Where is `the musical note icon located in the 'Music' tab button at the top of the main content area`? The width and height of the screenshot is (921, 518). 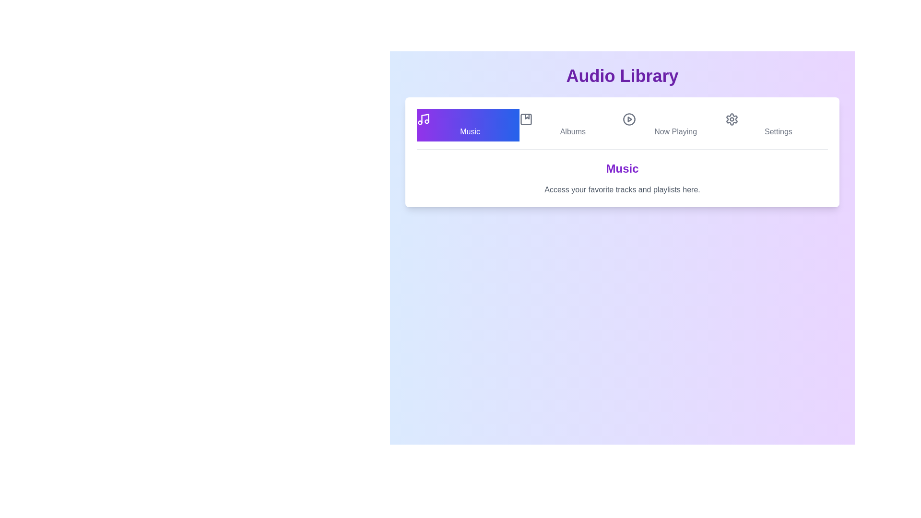
the musical note icon located in the 'Music' tab button at the top of the main content area is located at coordinates (423, 119).